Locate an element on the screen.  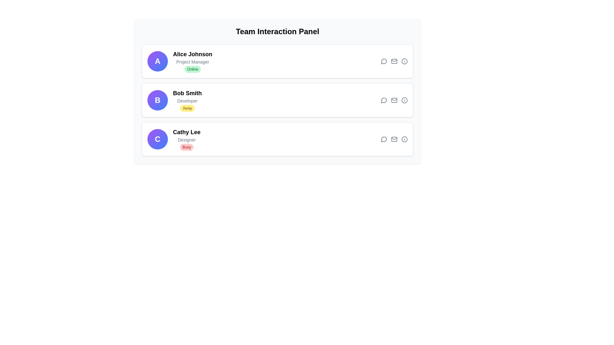
the envelope icon, which is the second icon from the left in the user interaction section of the 'Cathy Lee' profile row, to send a message is located at coordinates (394, 139).